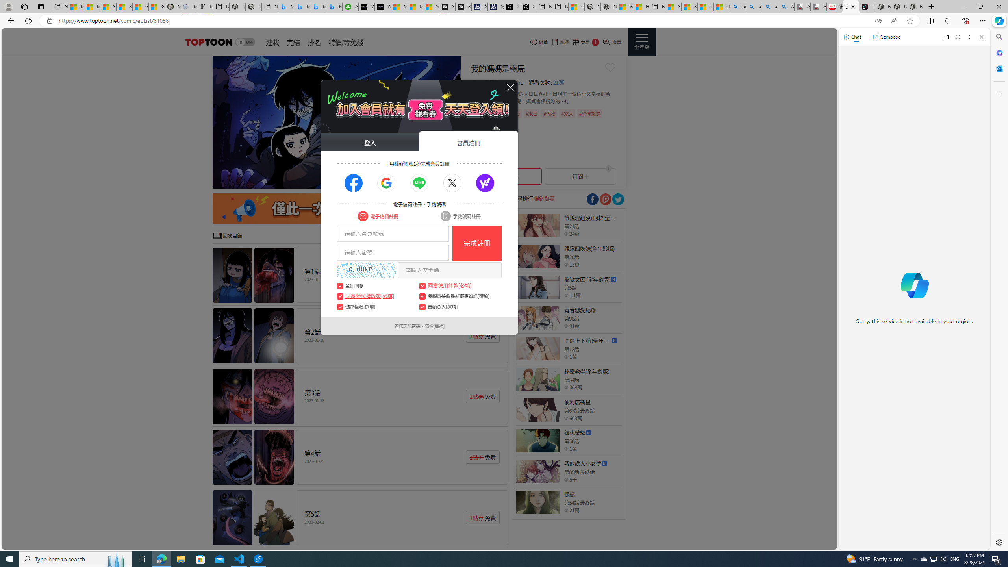  What do you see at coordinates (566, 510) in the screenshot?
I see `'Class: epicon_starpoint'` at bounding box center [566, 510].